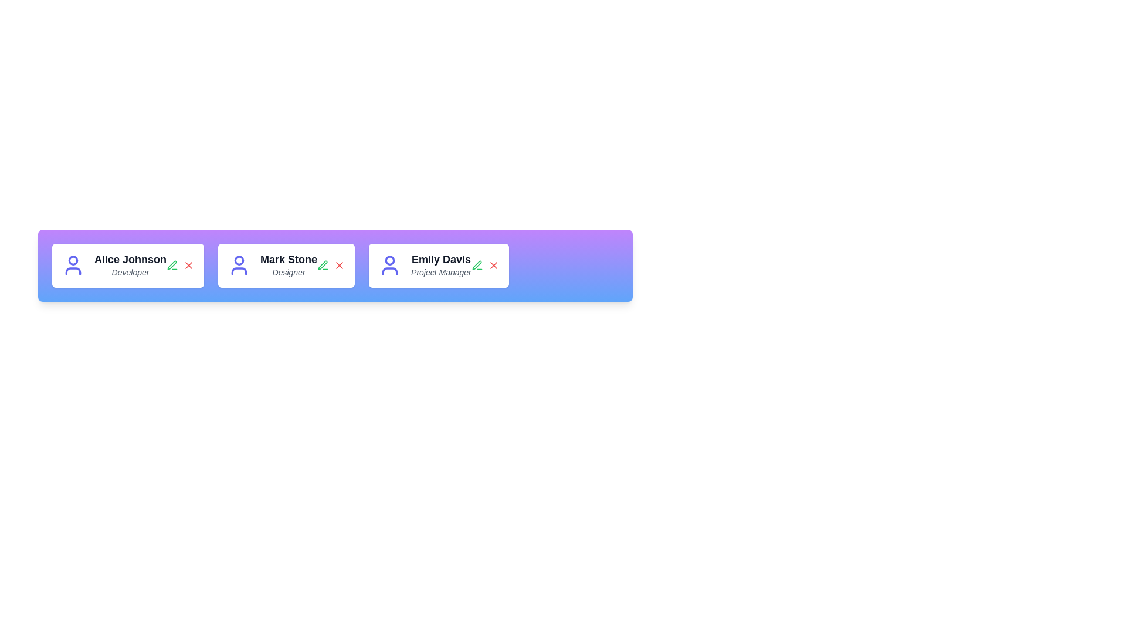  I want to click on edit icon for the profile card of Emily Davis, so click(477, 266).